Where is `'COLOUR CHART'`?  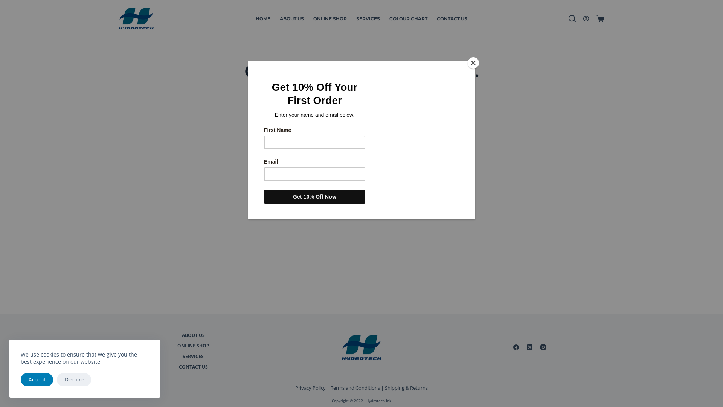
'COLOUR CHART' is located at coordinates (408, 18).